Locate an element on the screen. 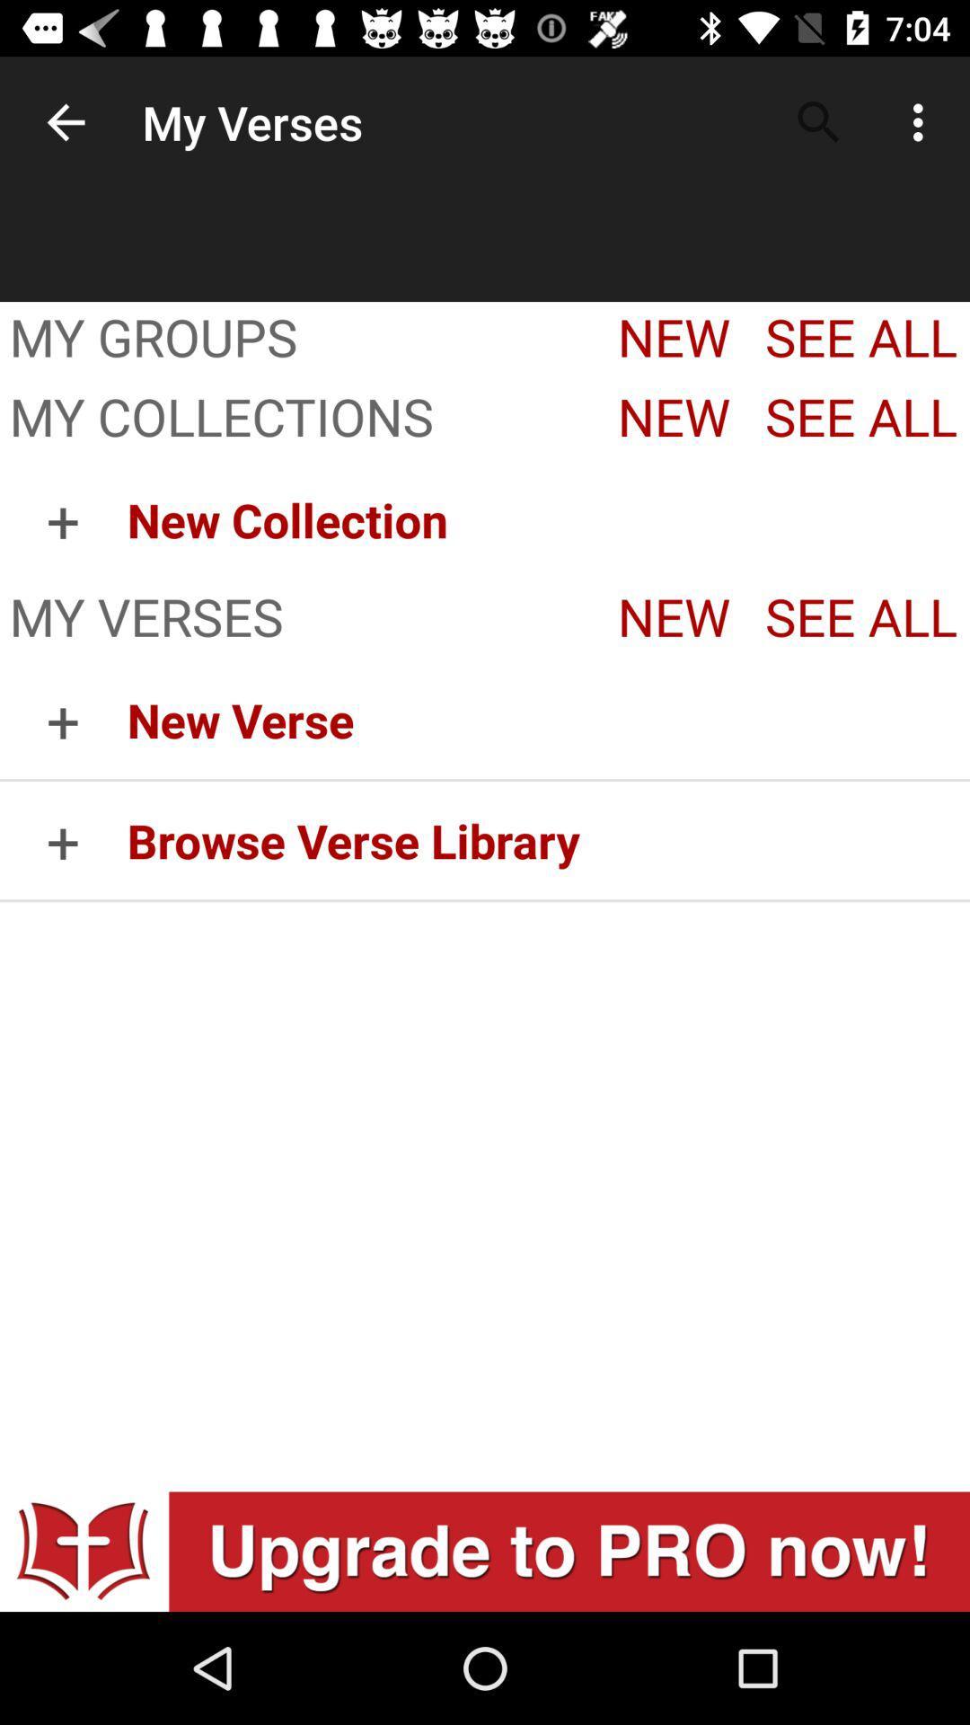  item next to the  new  app is located at coordinates (296, 419).